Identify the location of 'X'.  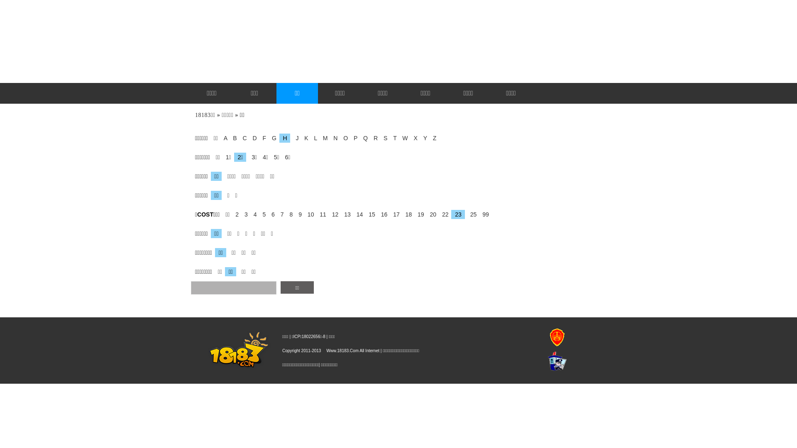
(413, 137).